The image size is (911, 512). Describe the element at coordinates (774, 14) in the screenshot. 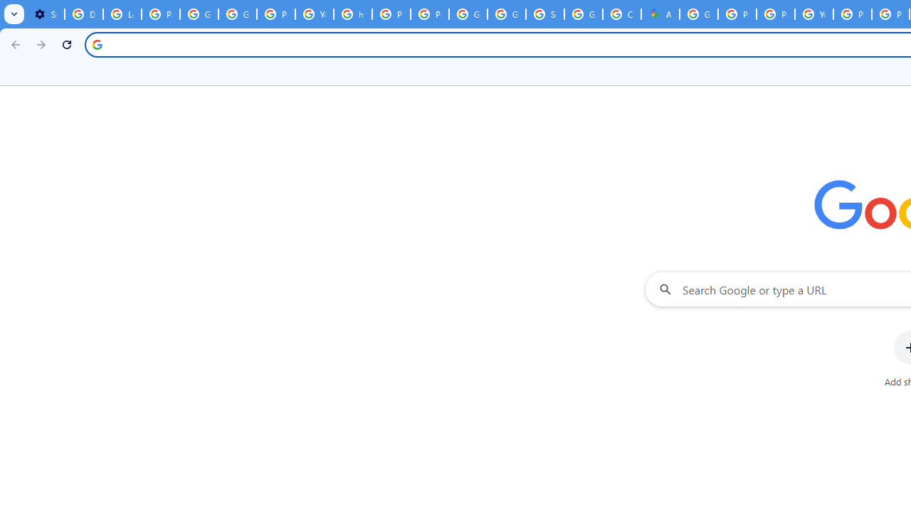

I see `'Privacy Help Center - Policies Help'` at that location.